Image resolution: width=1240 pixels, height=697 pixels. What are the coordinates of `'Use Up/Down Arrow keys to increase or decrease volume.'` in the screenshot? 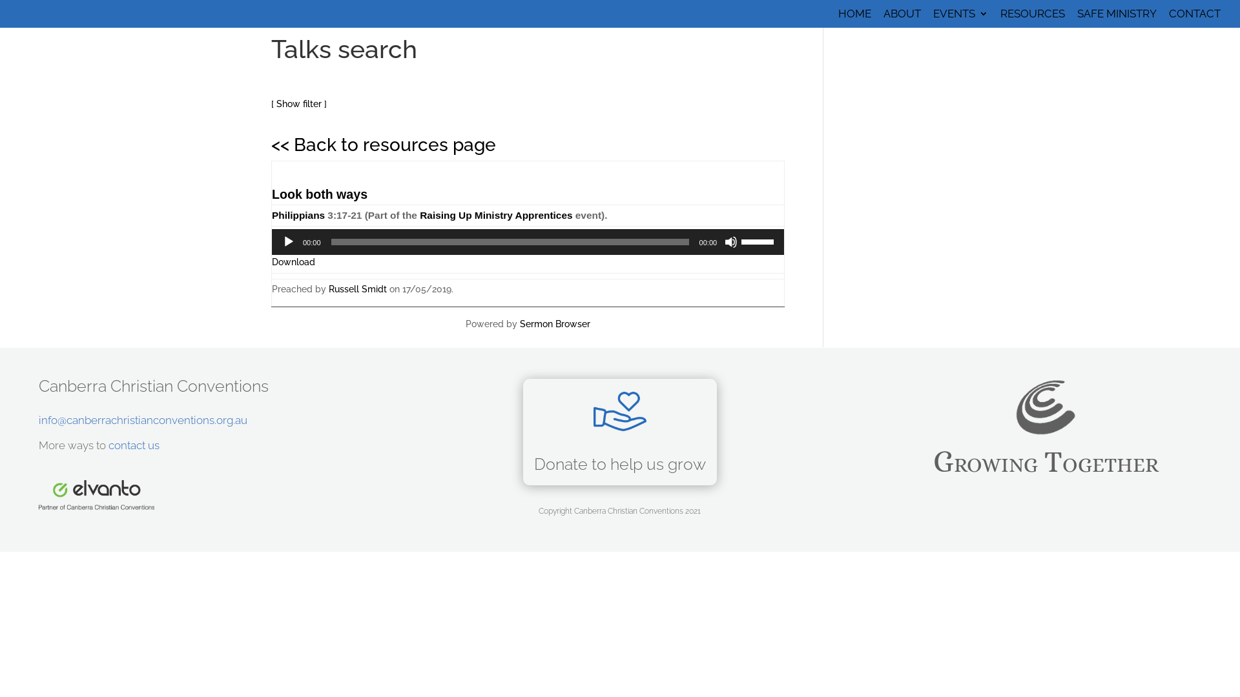 It's located at (759, 241).